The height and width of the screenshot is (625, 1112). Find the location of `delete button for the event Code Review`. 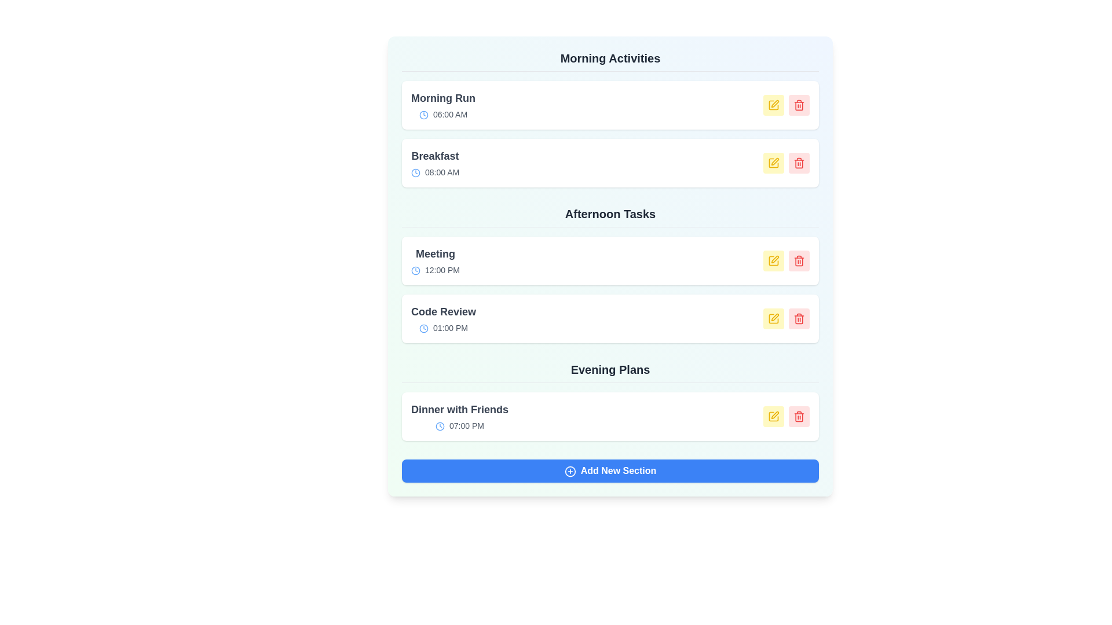

delete button for the event Code Review is located at coordinates (799, 319).